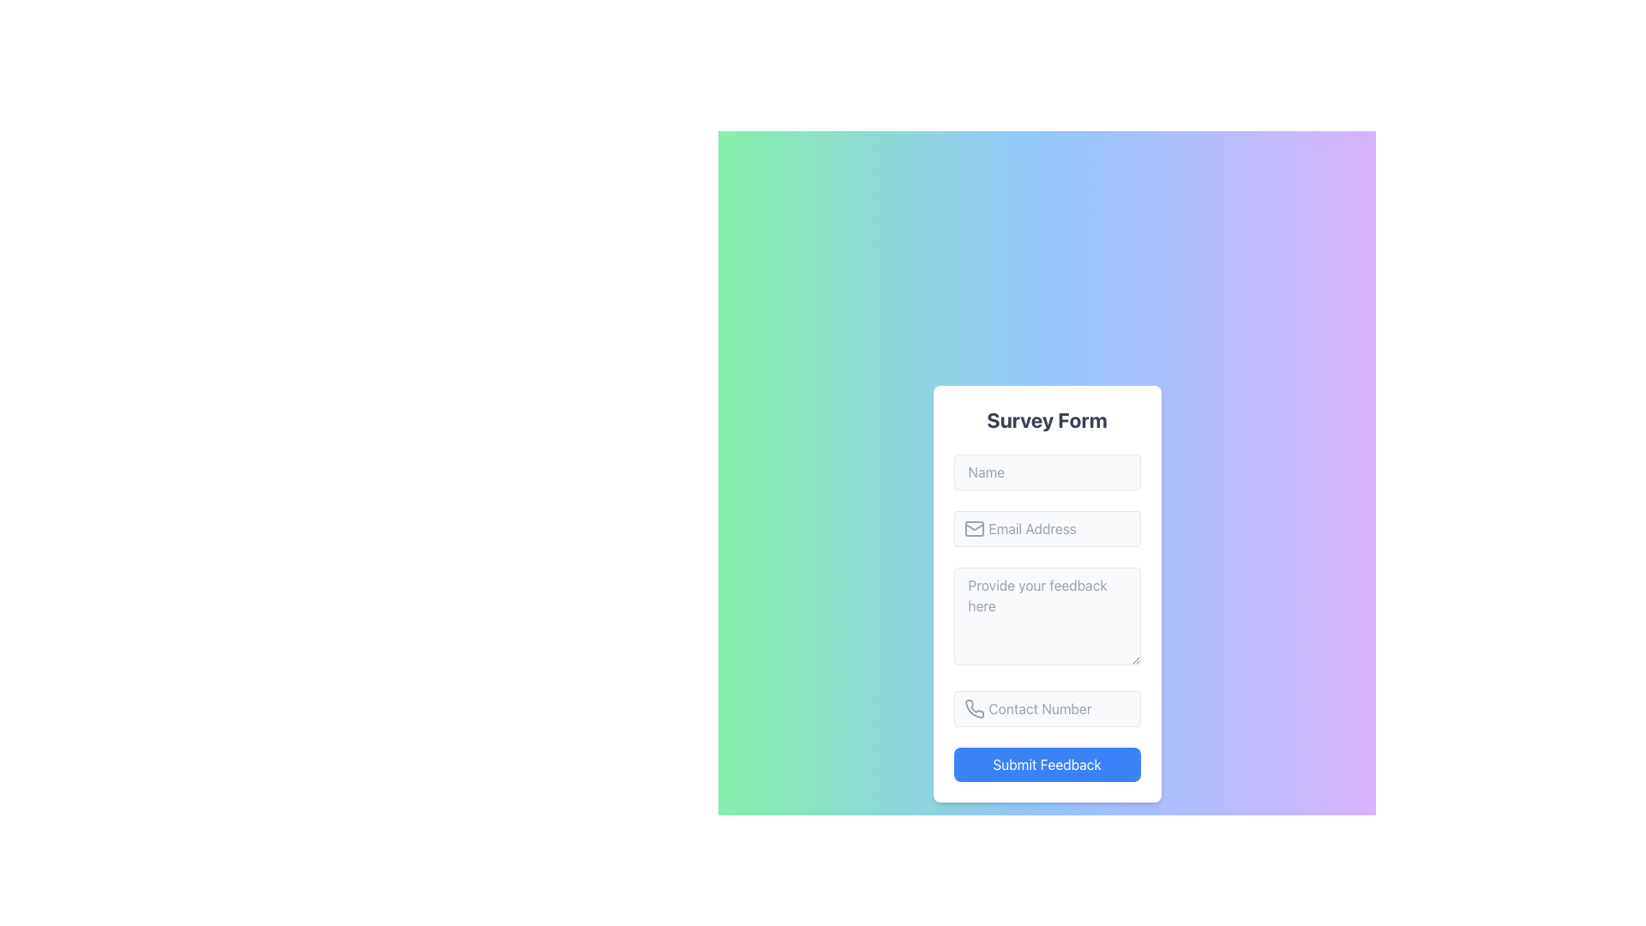 The image size is (1646, 926). I want to click on the email icon located to the left of the 'Email Address' input field in the 'Survey Form' interface, which visually represents the functionality of the associated input field, so click(974, 528).